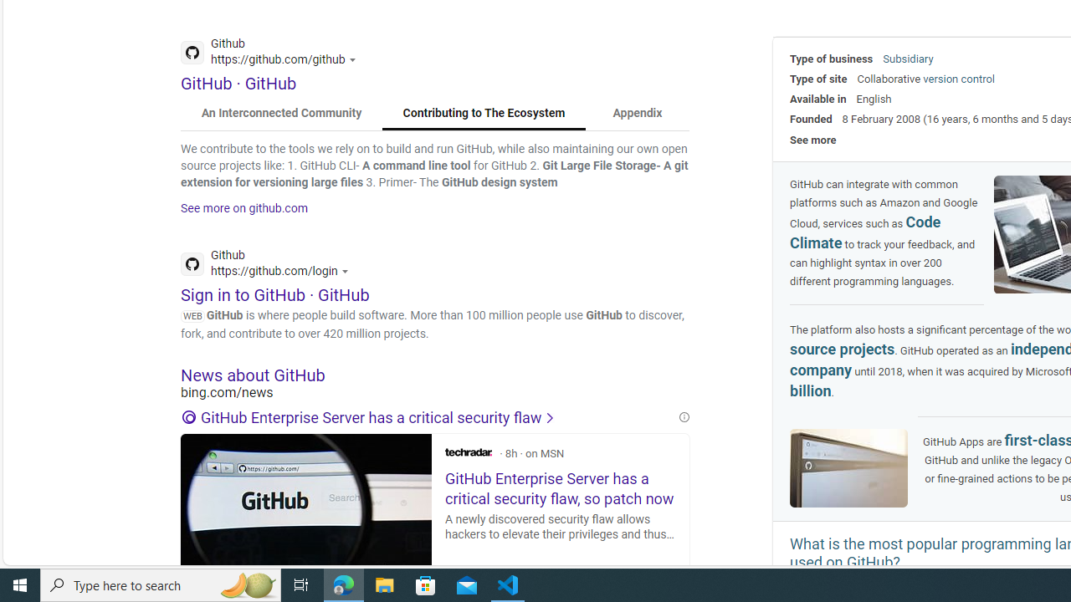  I want to click on 'Available in', so click(818, 99).